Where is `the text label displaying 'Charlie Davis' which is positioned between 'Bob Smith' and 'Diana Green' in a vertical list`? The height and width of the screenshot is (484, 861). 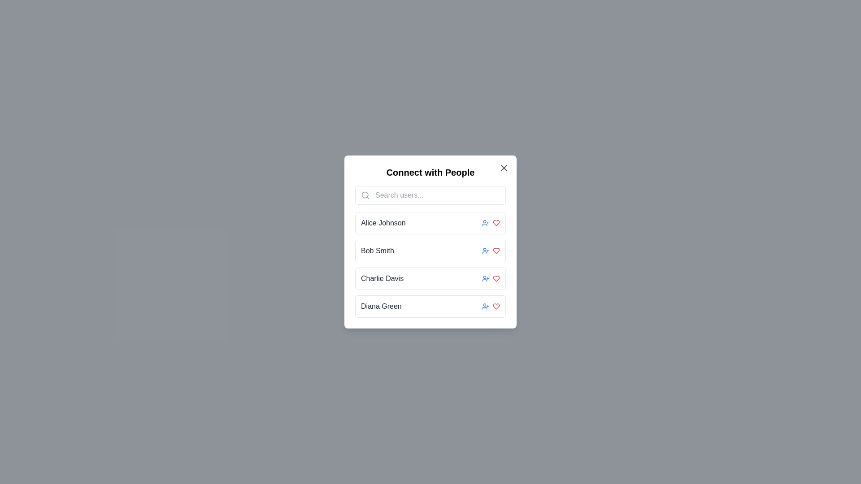
the text label displaying 'Charlie Davis' which is positioned between 'Bob Smith' and 'Diana Green' in a vertical list is located at coordinates (382, 278).